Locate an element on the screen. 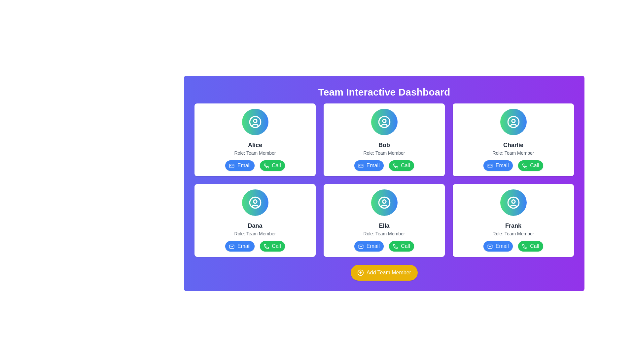 The image size is (634, 357). the circular user profile icon with a white outline and gradient background in Dana's profile card on the Team Interactive Dashboard is located at coordinates (255, 202).